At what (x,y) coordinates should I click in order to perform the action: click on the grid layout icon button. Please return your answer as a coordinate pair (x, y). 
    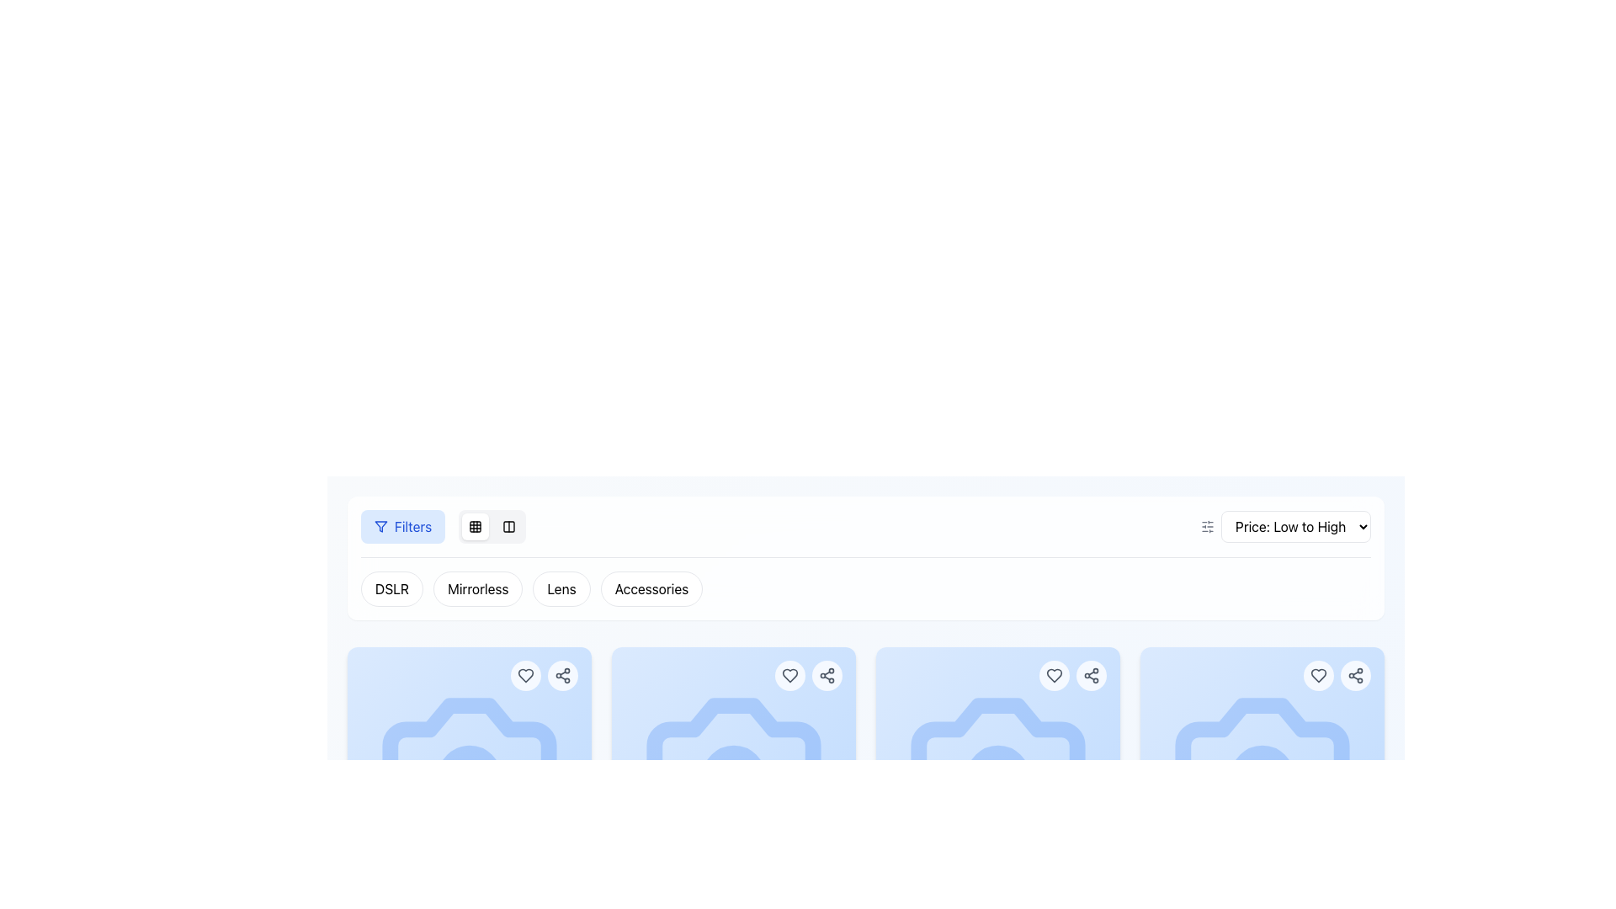
    Looking at the image, I should click on (475, 525).